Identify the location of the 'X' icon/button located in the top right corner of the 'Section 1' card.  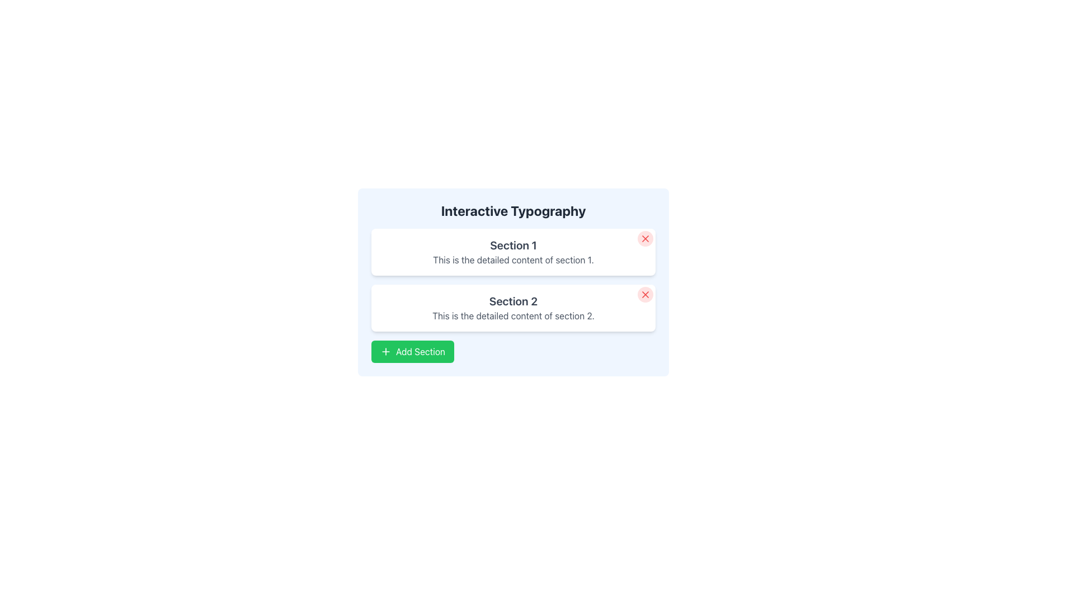
(645, 238).